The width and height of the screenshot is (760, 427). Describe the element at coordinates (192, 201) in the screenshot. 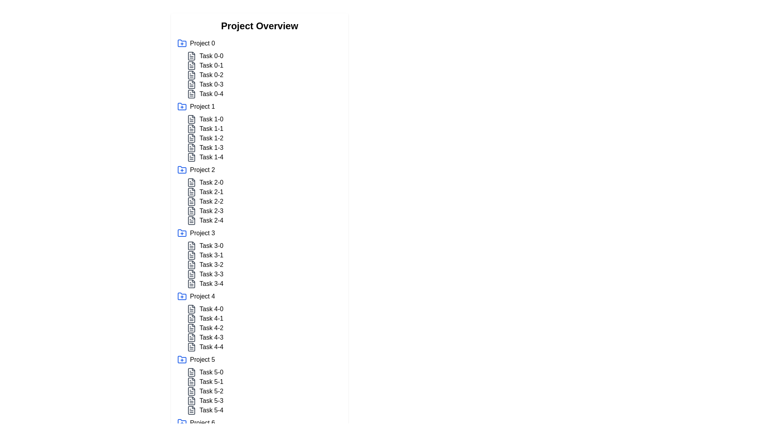

I see `the document file icon located to the left of the text label 'Task 2-2', which is part of the list under 'Project 2'` at that location.